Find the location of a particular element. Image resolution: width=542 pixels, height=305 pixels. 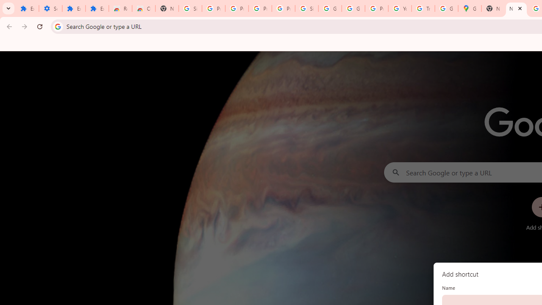

'Settings' is located at coordinates (50, 8).